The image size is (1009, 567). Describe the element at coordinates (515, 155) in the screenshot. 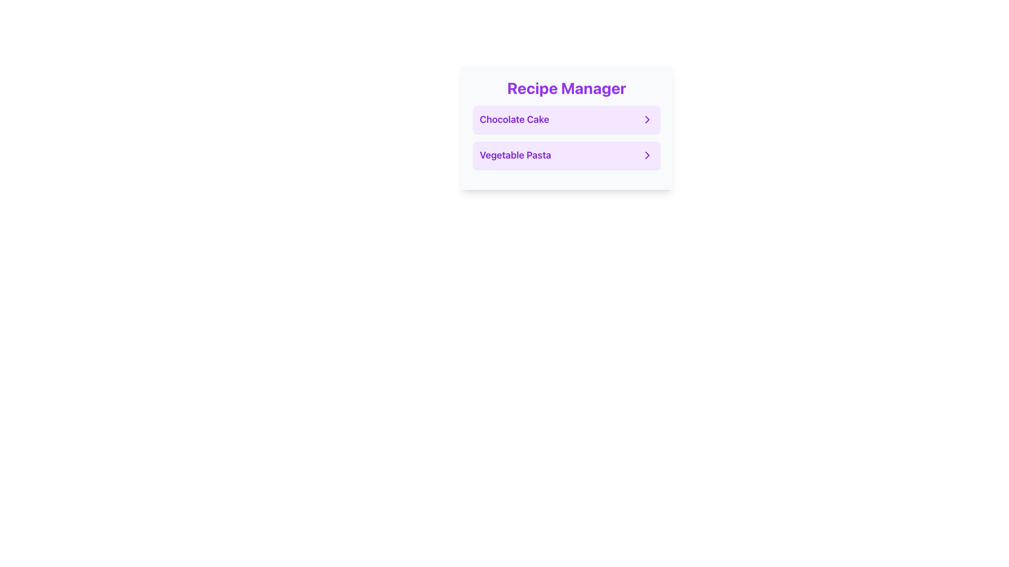

I see `the Text Label displaying 'Vegetable Pasta', which is styled in bold with a large purple font and is located within a selectable card in the Recipe Manager panel` at that location.